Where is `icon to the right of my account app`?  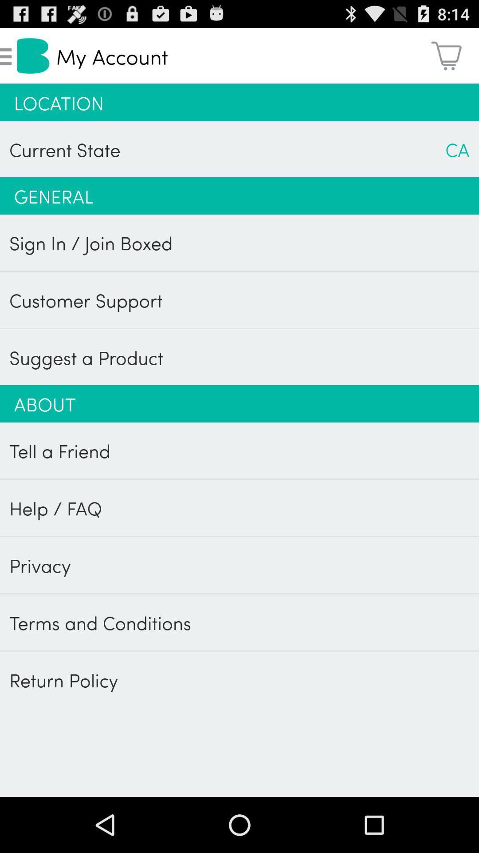 icon to the right of my account app is located at coordinates (446, 55).